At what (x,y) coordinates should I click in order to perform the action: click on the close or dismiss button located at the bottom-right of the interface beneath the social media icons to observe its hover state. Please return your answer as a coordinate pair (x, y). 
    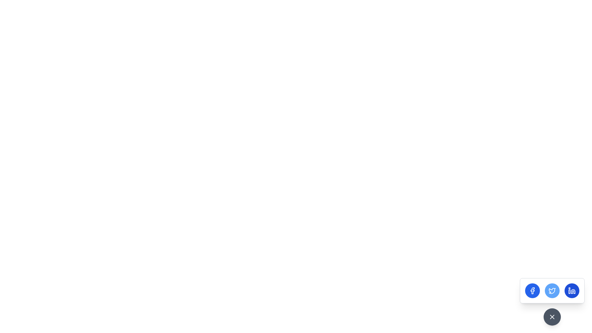
    Looking at the image, I should click on (552, 317).